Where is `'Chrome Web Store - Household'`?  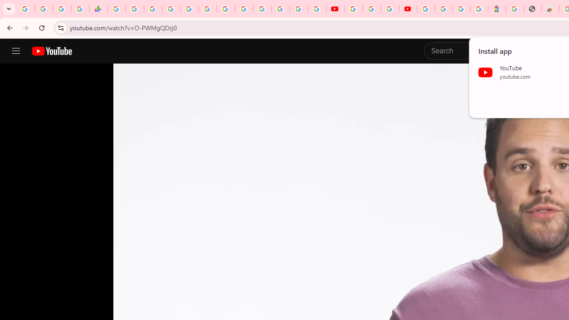
'Chrome Web Store - Household' is located at coordinates (550, 9).